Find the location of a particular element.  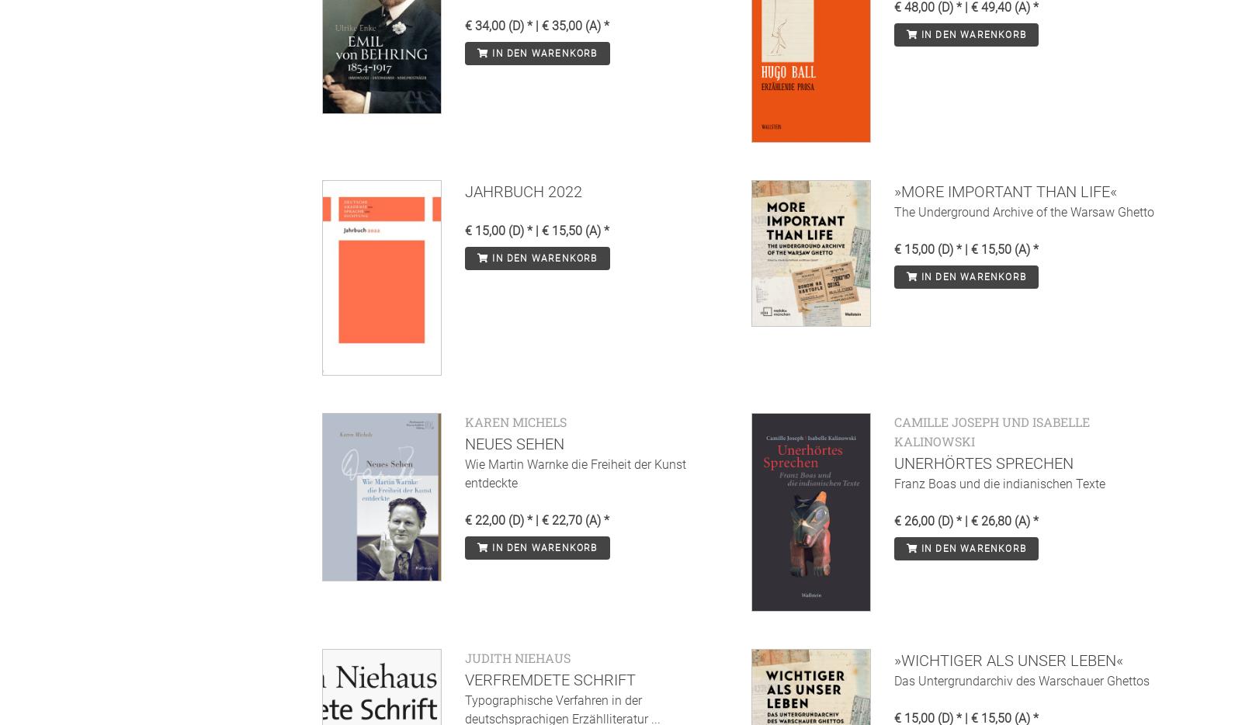

'Neues Sehen' is located at coordinates (515, 442).